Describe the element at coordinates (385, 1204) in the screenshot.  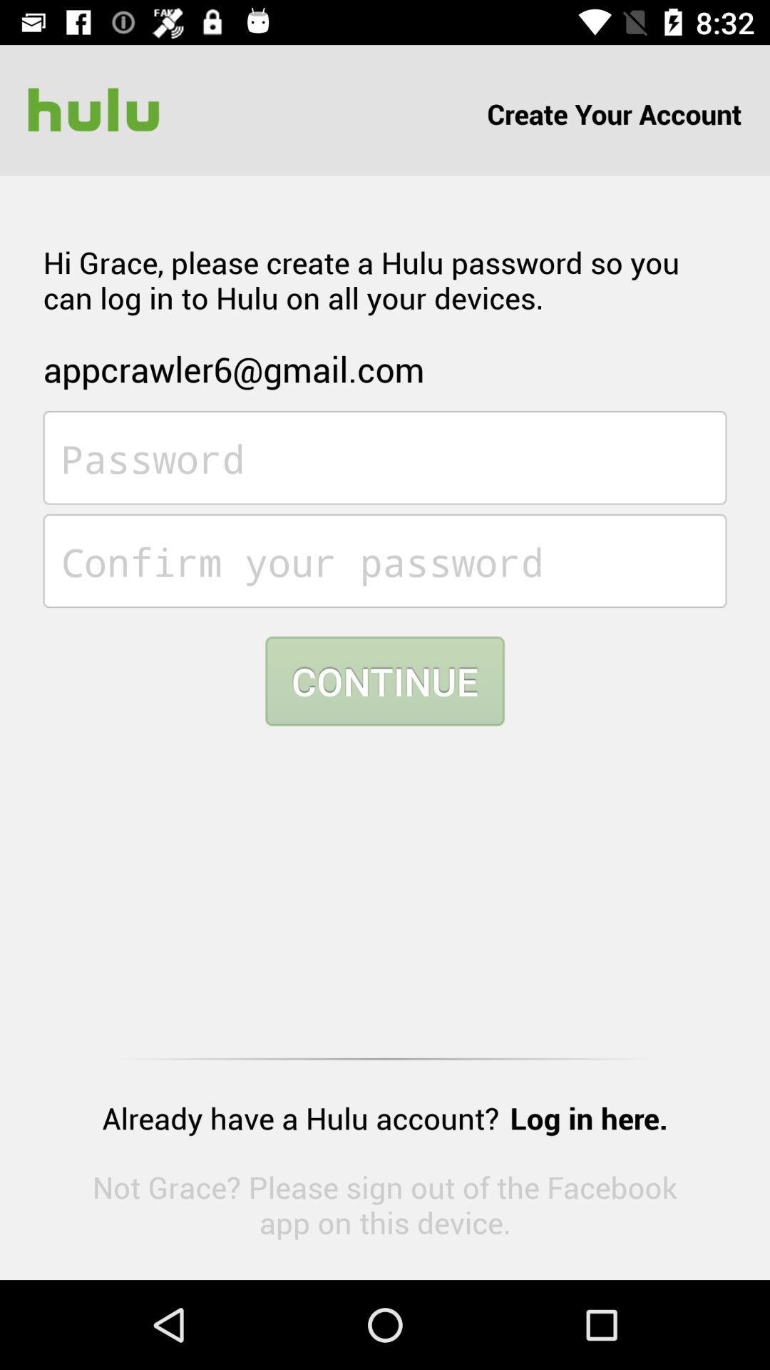
I see `item below already have a item` at that location.